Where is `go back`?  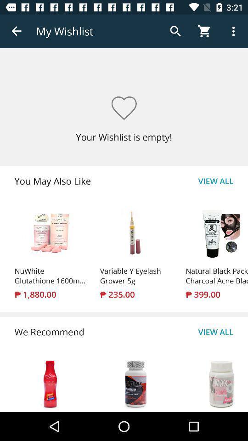 go back is located at coordinates (17, 31).